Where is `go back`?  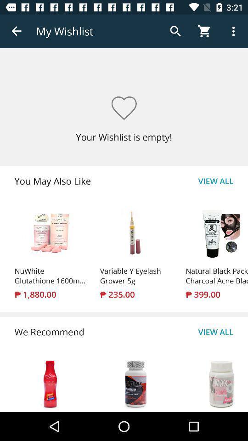 go back is located at coordinates (17, 31).